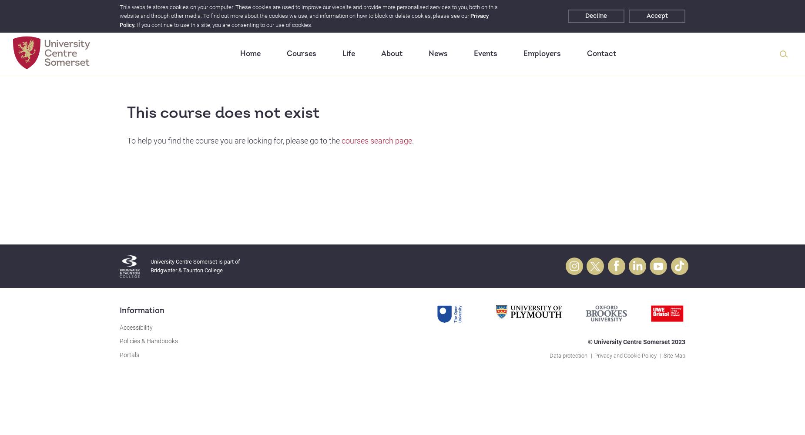 The image size is (805, 435). Describe the element at coordinates (136, 327) in the screenshot. I see `'Accessibility'` at that location.